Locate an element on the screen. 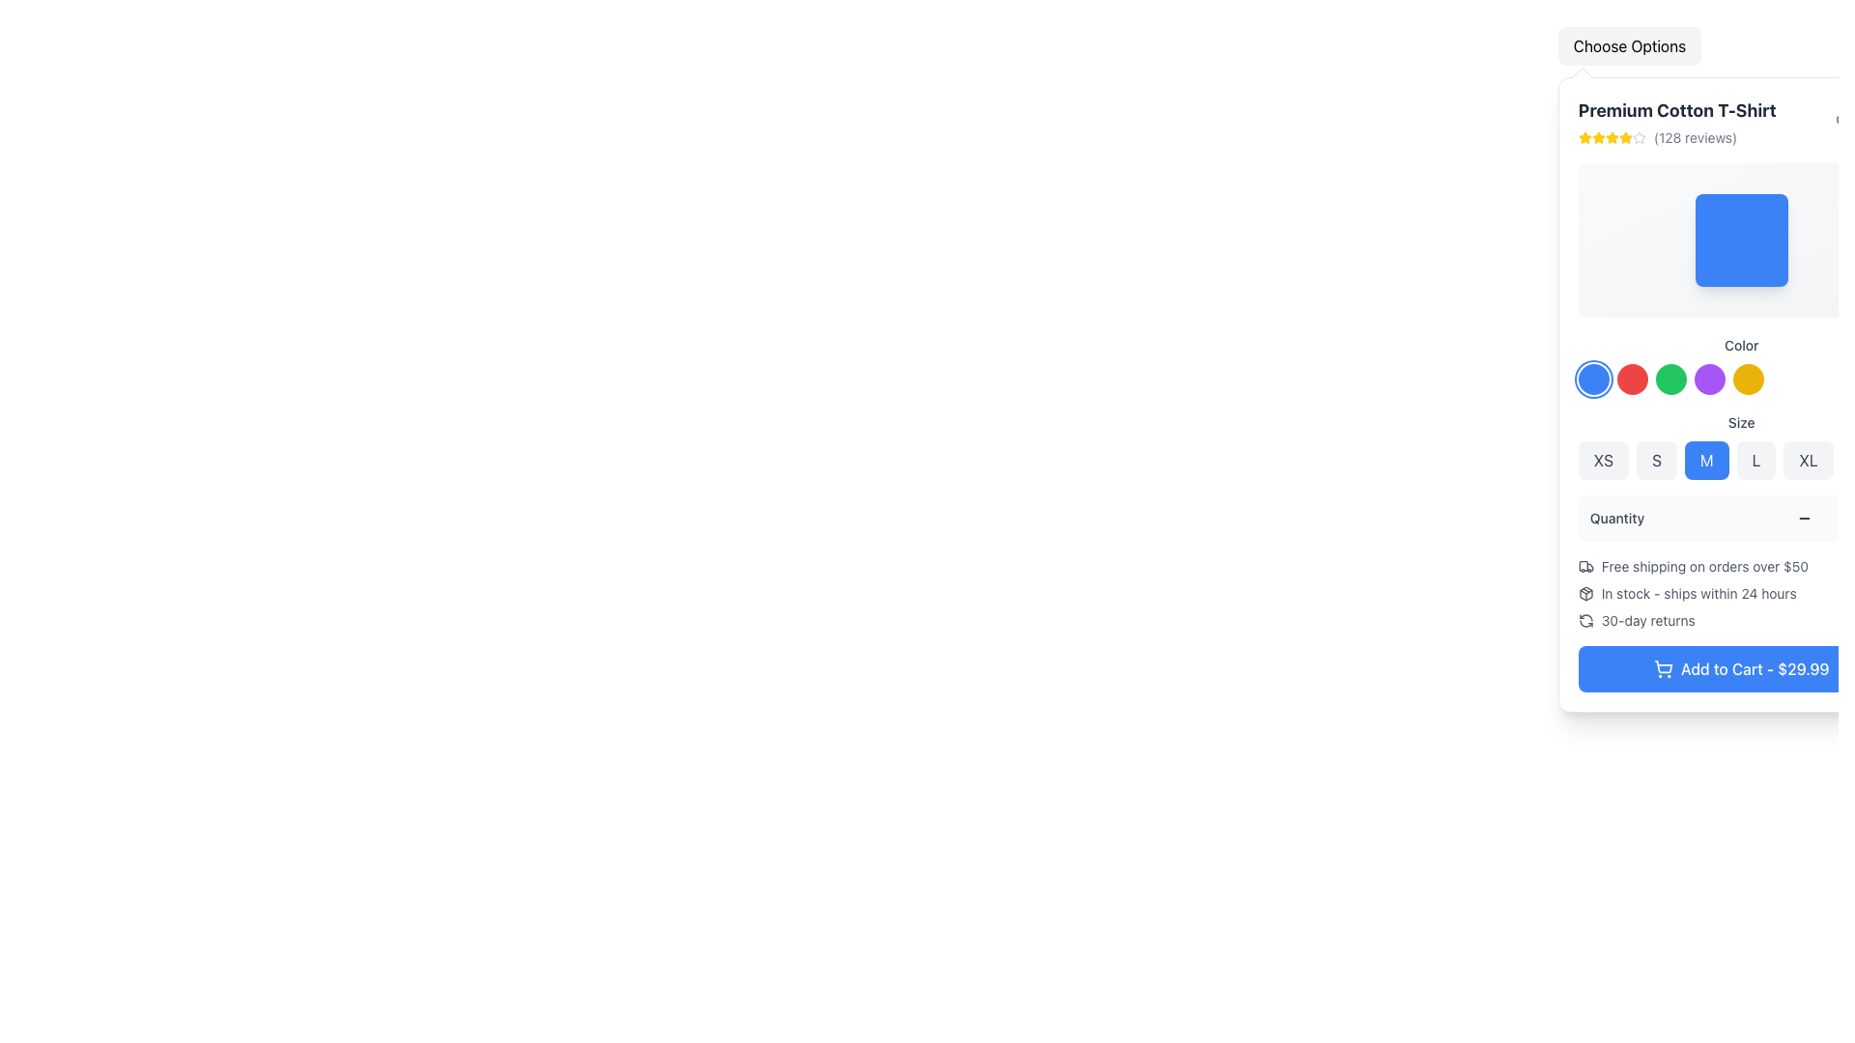 This screenshot has height=1043, width=1855. the first button in the horizontally aligned group of size buttons is located at coordinates (1603, 461).